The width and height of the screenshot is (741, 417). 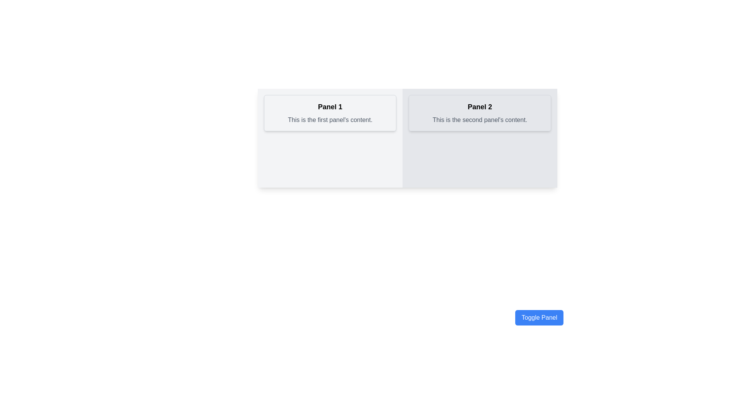 What do you see at coordinates (479, 113) in the screenshot?
I see `the display panel labeled 'Panel 2' that presents its associated content, positioned in the second column of a two-column layout` at bounding box center [479, 113].